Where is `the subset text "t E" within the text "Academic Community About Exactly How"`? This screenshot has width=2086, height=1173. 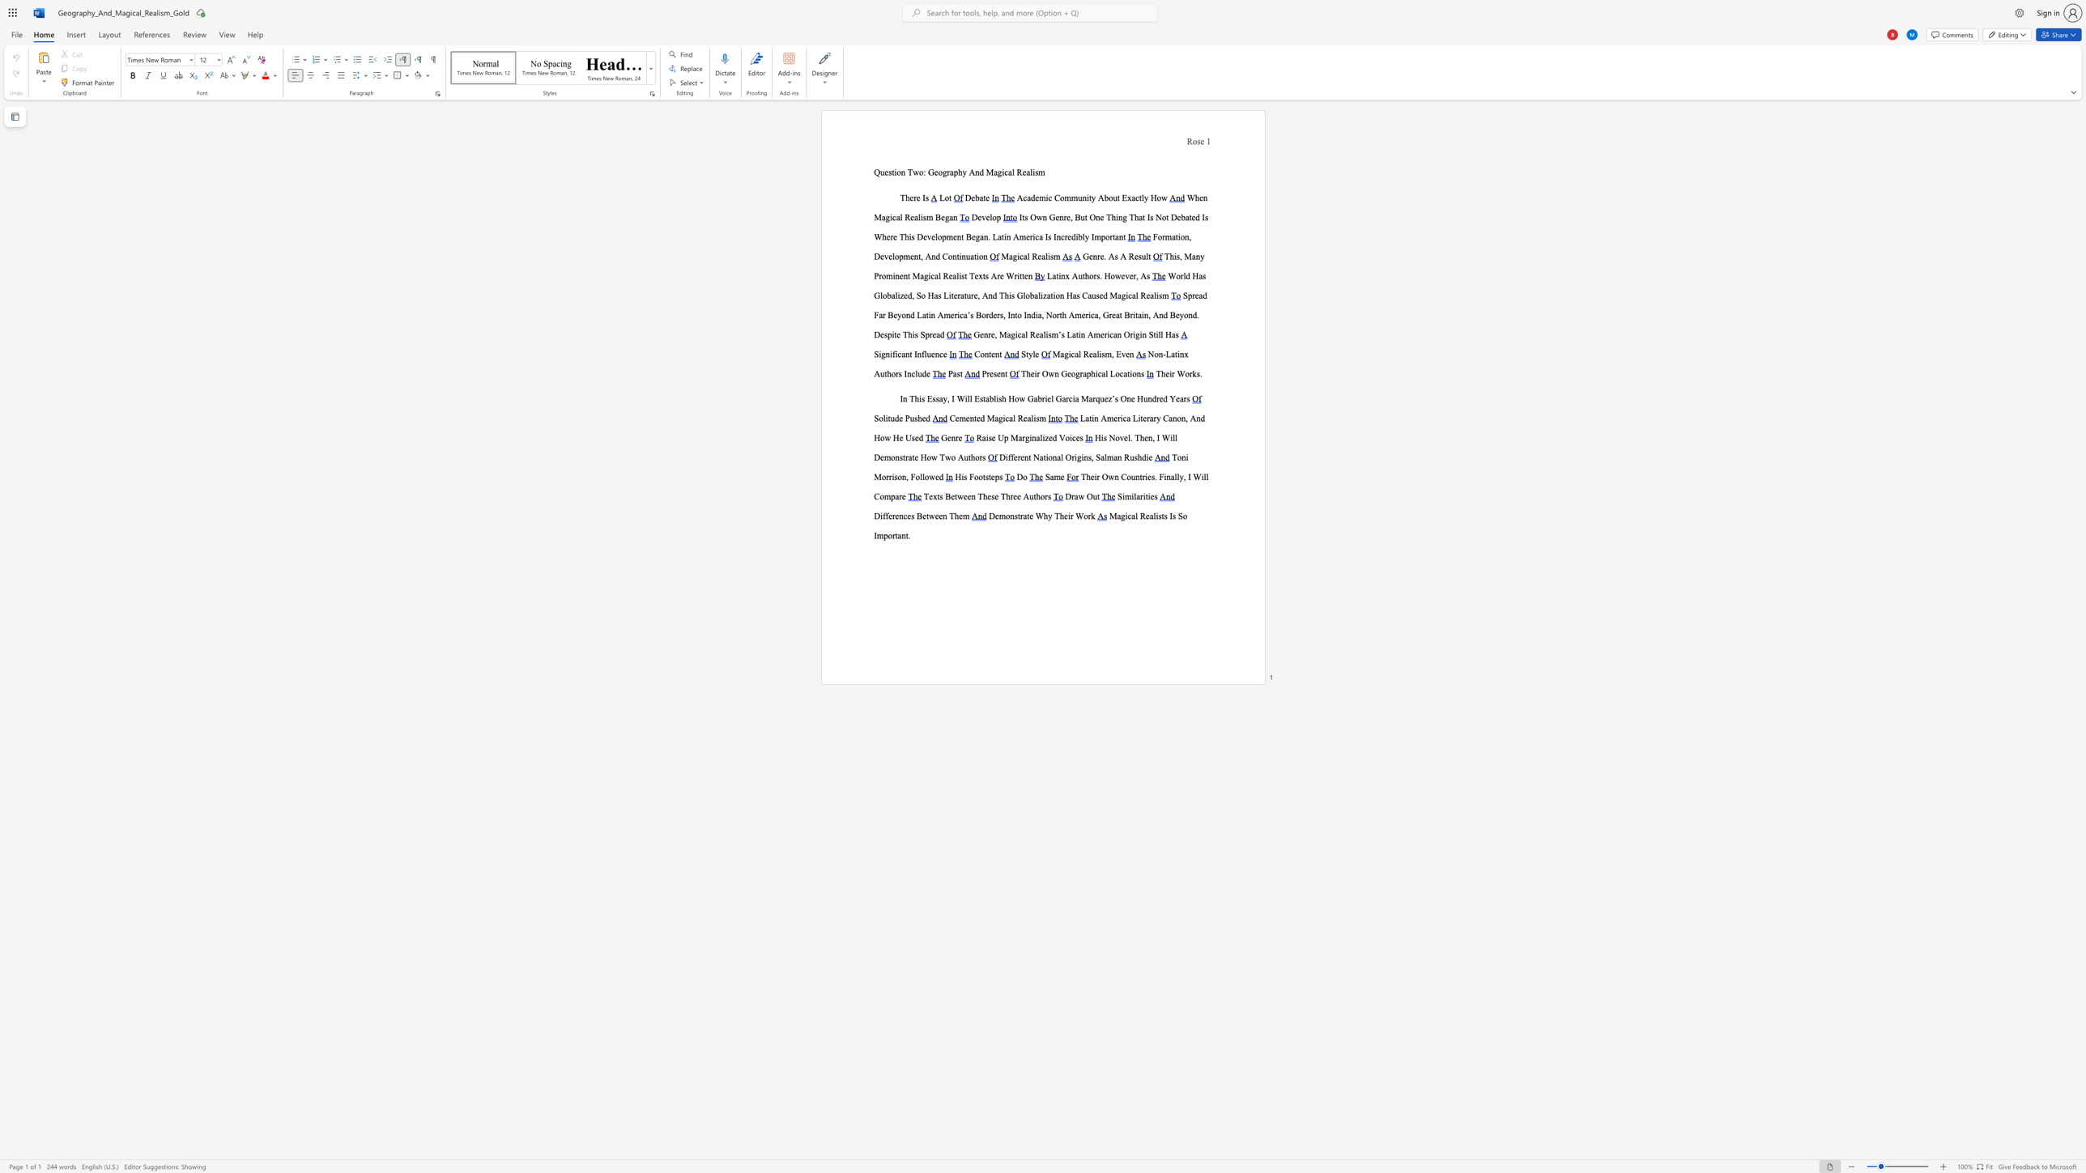 the subset text "t E" within the text "Academic Community About Exactly How" is located at coordinates (1117, 198).